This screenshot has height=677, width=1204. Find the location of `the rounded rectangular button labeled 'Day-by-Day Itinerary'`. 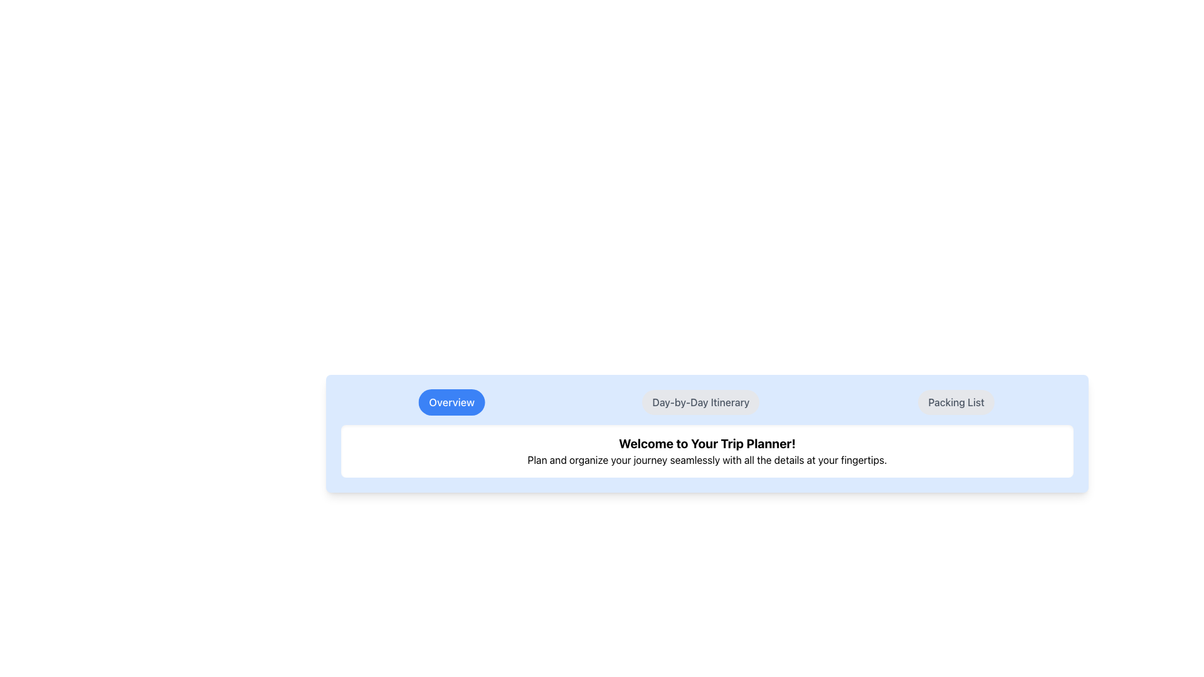

the rounded rectangular button labeled 'Day-by-Day Itinerary' is located at coordinates (700, 402).